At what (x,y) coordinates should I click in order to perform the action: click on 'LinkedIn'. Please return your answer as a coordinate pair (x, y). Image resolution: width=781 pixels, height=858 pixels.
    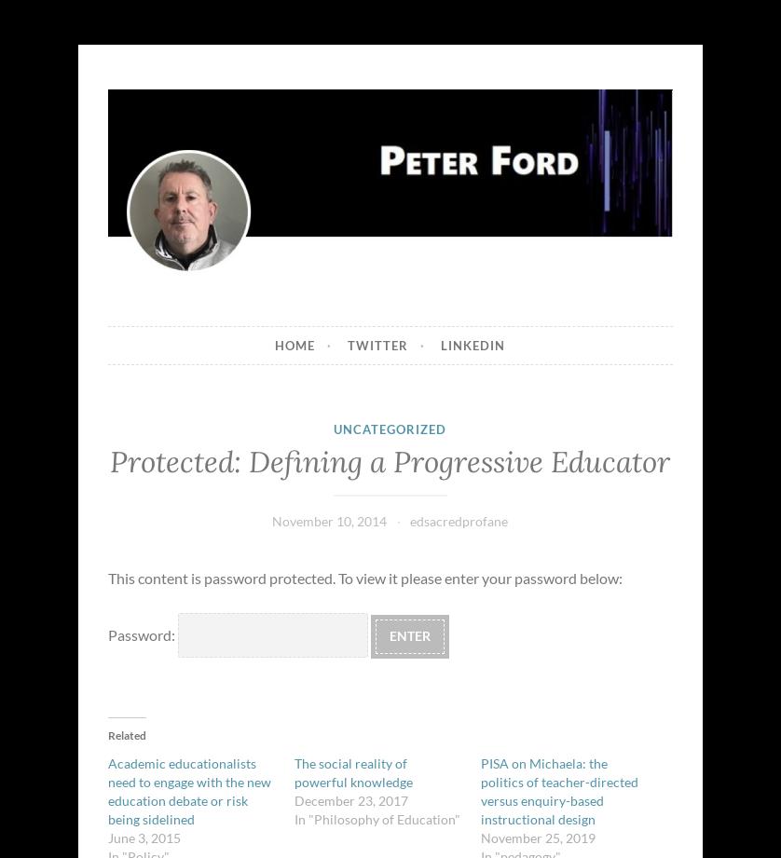
    Looking at the image, I should click on (473, 344).